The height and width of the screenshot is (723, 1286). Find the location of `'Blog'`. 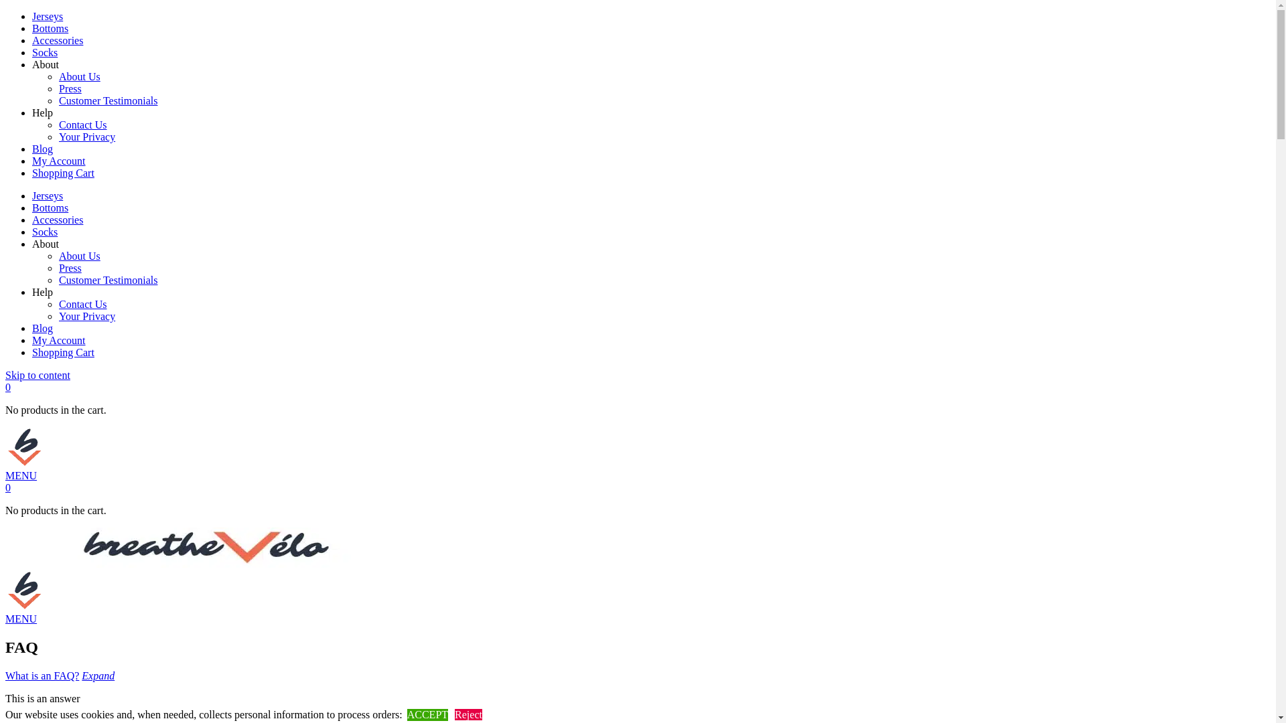

'Blog' is located at coordinates (42, 328).